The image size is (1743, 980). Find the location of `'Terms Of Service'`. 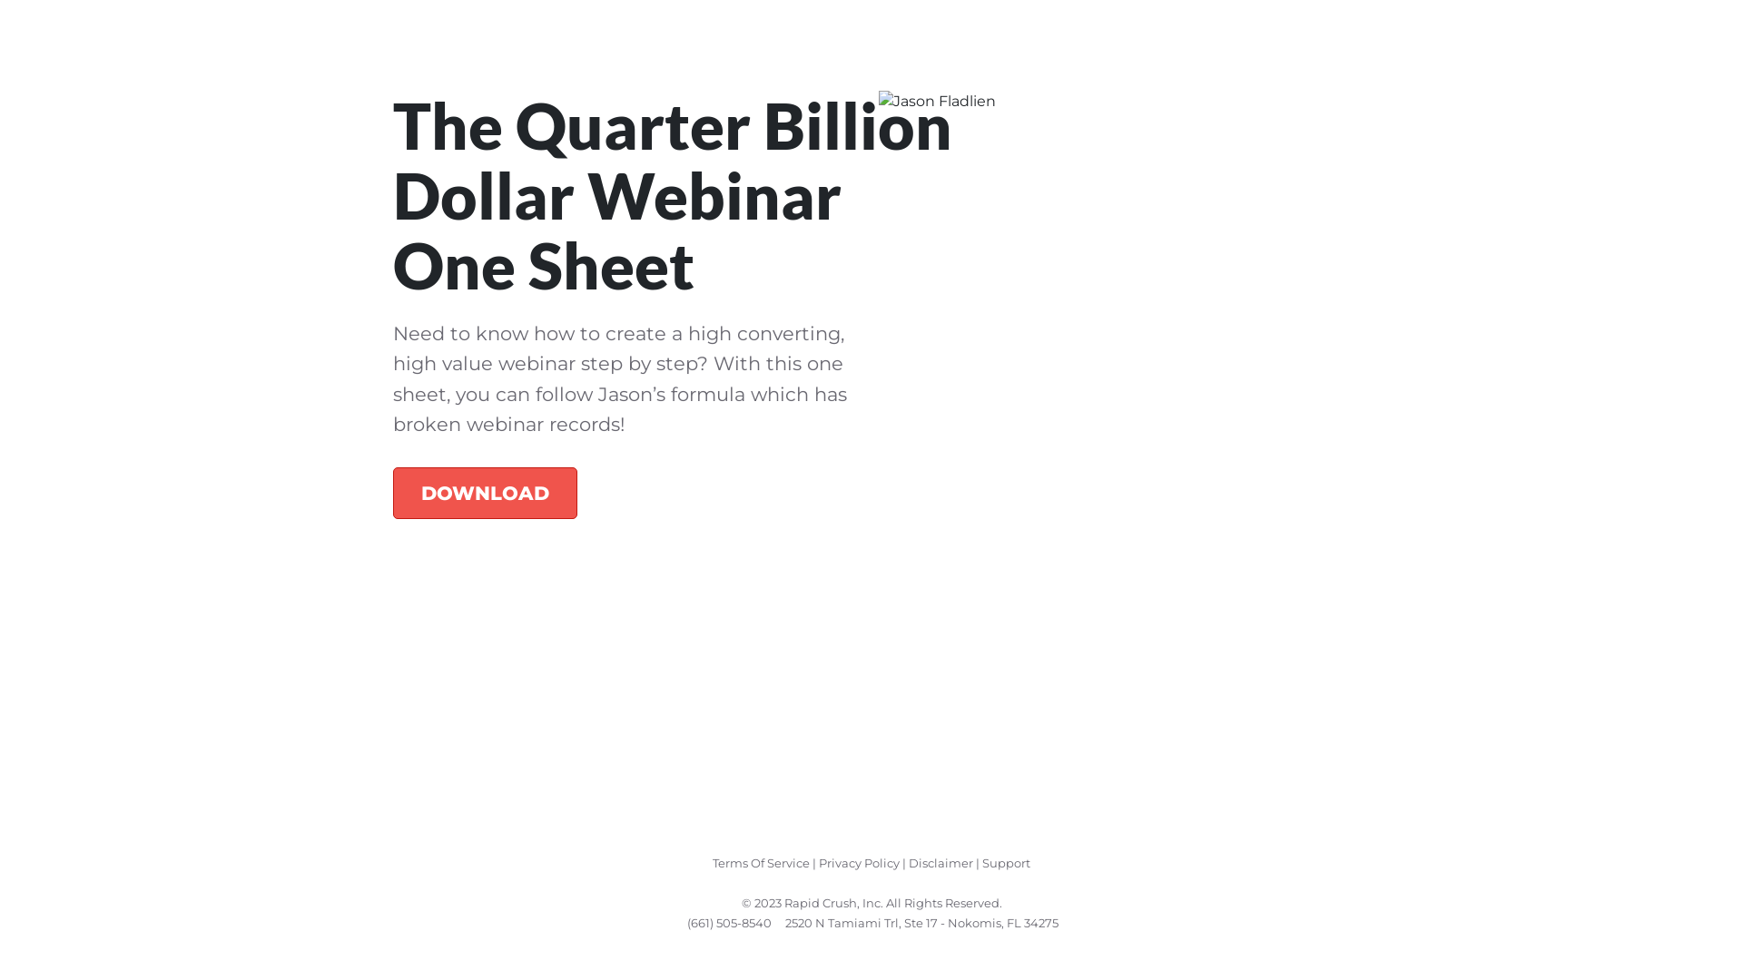

'Terms Of Service' is located at coordinates (761, 862).